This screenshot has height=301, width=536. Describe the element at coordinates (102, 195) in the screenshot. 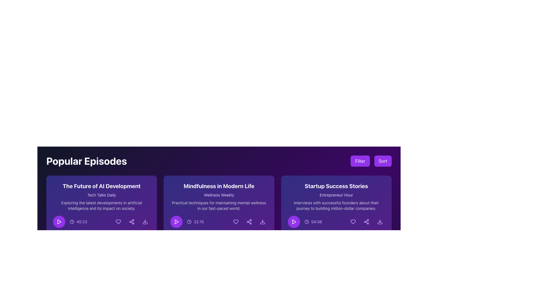

I see `the label displaying the subtitle or publishing source of the content within the card titled 'The Future of AI Development', located above the description text` at that location.